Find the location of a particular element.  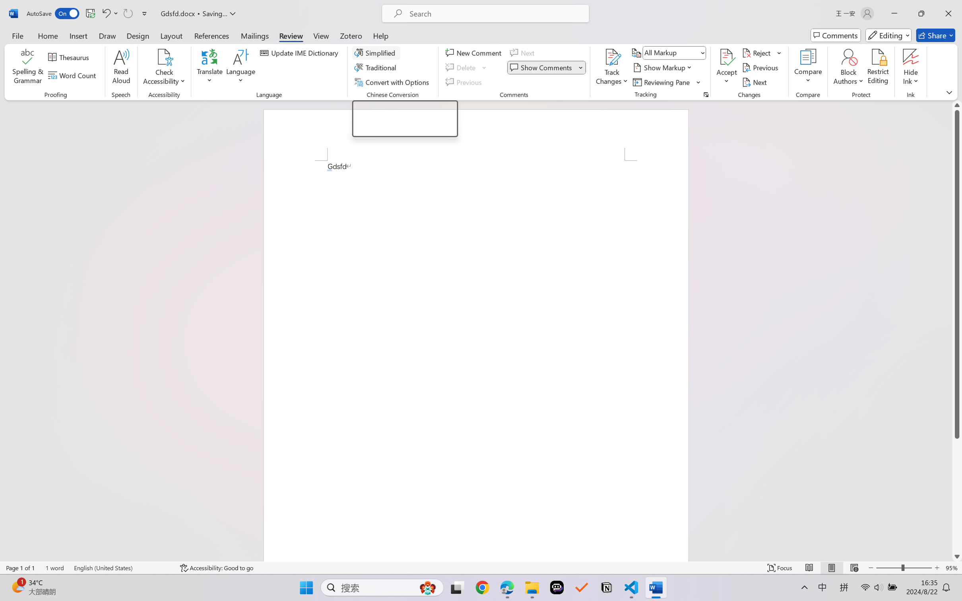

'Reviewing Pane' is located at coordinates (662, 82).